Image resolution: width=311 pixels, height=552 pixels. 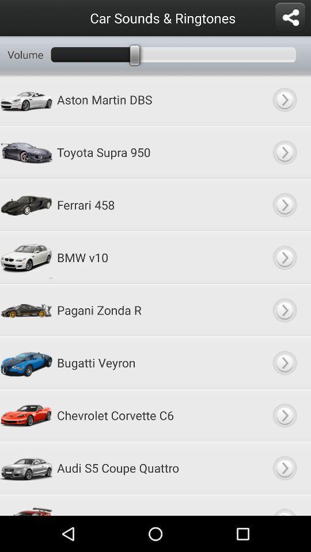 I want to click on go forward option, so click(x=284, y=309).